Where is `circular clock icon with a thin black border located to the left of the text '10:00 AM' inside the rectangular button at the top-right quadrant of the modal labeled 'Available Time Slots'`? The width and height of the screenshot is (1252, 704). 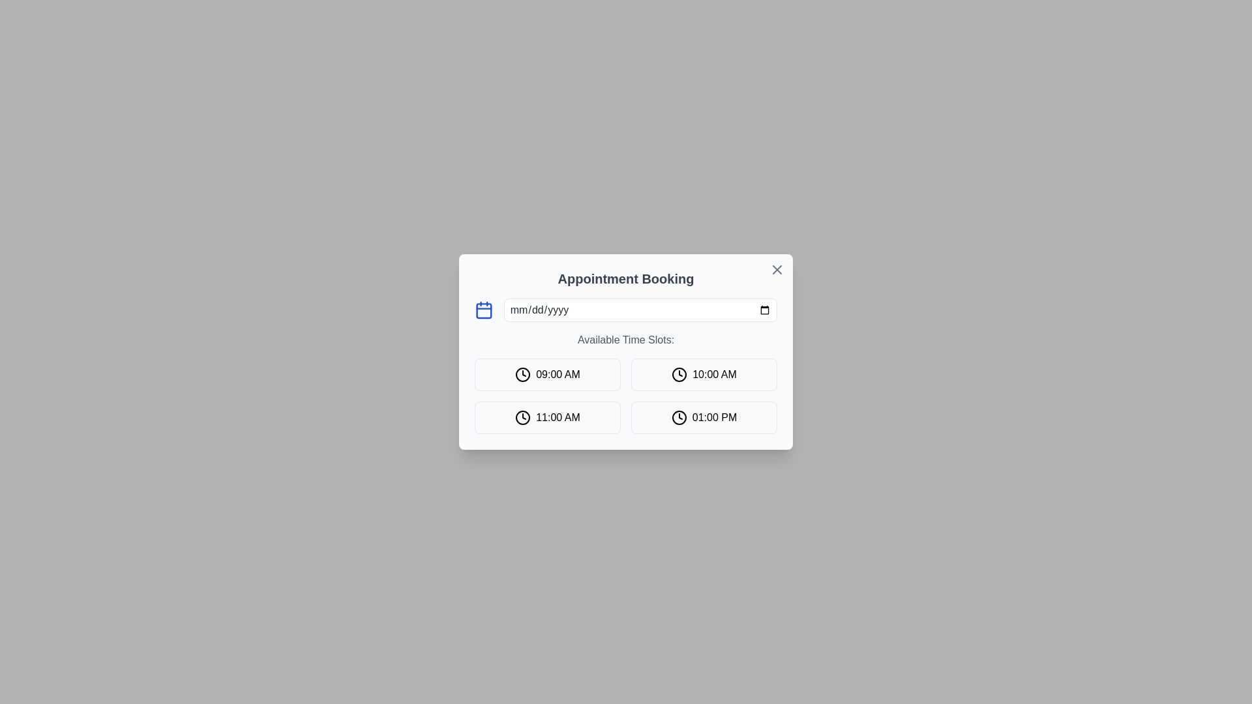
circular clock icon with a thin black border located to the left of the text '10:00 AM' inside the rectangular button at the top-right quadrant of the modal labeled 'Available Time Slots' is located at coordinates (679, 374).